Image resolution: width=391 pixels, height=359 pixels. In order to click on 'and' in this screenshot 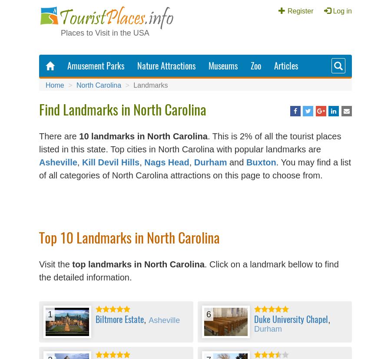, I will do `click(235, 161)`.